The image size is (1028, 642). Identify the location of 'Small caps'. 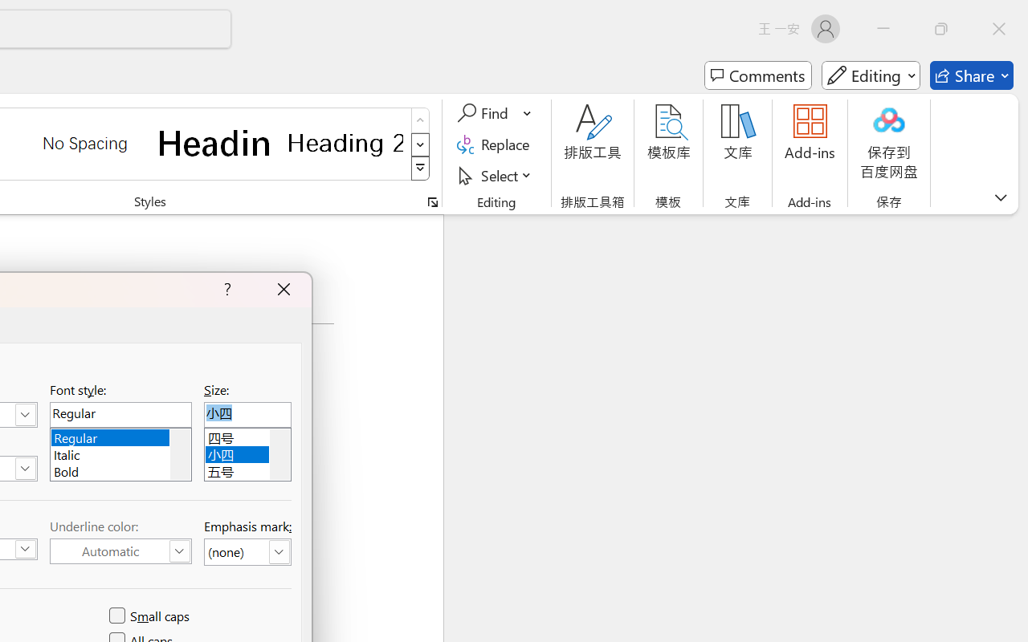
(151, 616).